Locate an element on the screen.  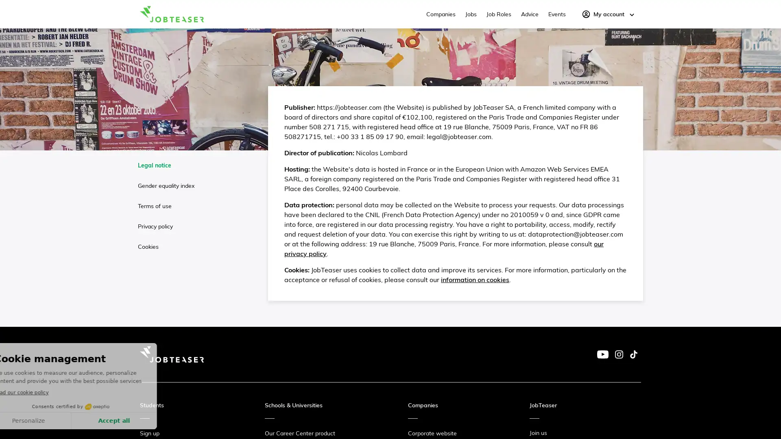
Consents certified by is located at coordinates (93, 406).